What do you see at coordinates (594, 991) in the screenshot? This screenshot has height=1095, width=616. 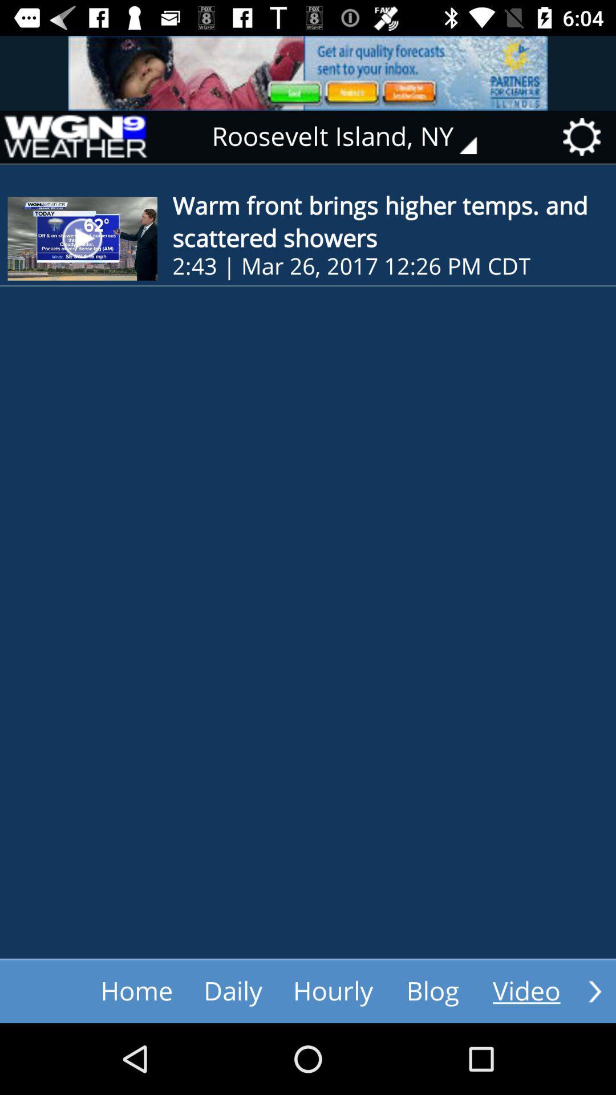 I see `the arrow_forward icon` at bounding box center [594, 991].